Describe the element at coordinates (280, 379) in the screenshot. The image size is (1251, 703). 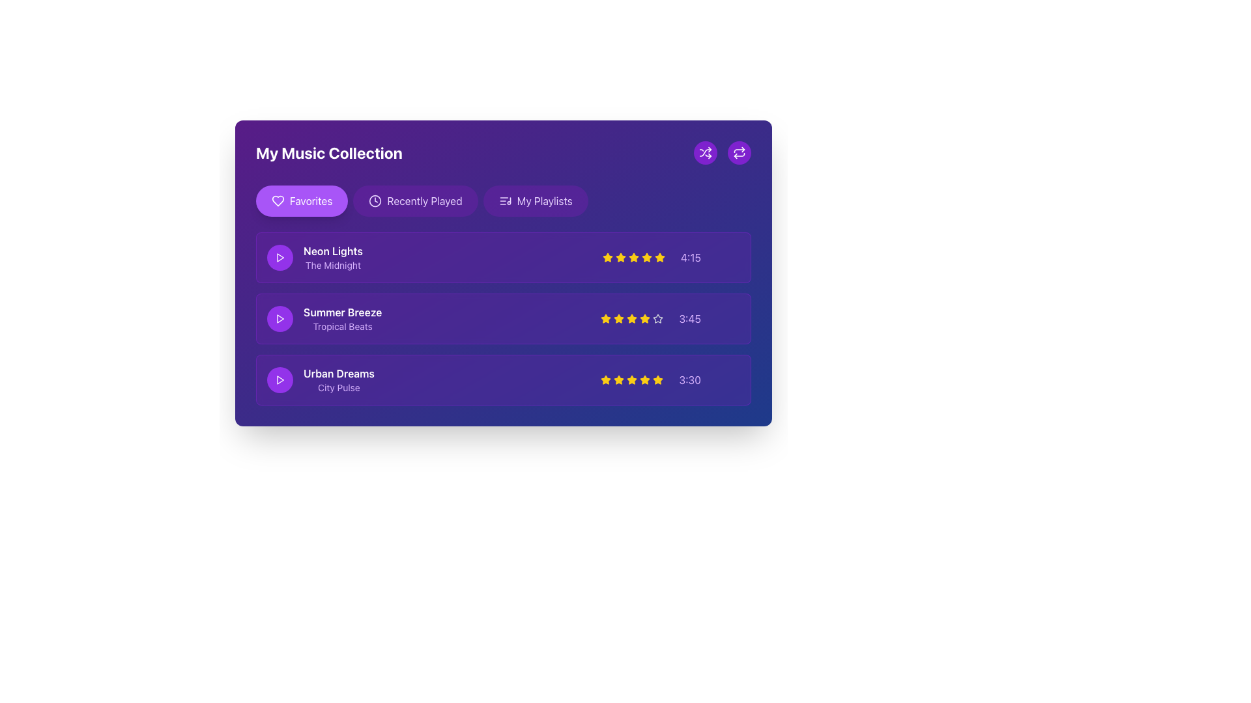
I see `the circular purple button with a white play icon located to the left of the text 'Urban Dreams' in the playlist to play the associated track` at that location.